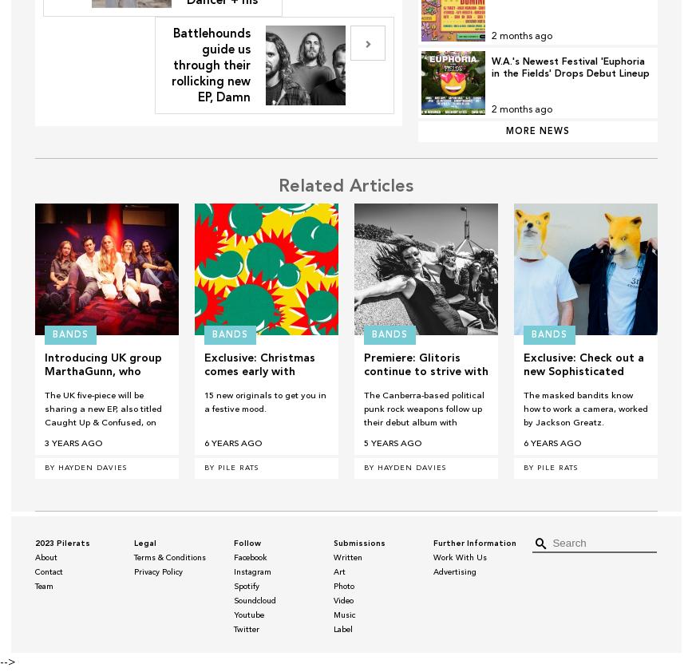 The height and width of the screenshot is (672, 692). What do you see at coordinates (246, 630) in the screenshot?
I see `'Twitter'` at bounding box center [246, 630].